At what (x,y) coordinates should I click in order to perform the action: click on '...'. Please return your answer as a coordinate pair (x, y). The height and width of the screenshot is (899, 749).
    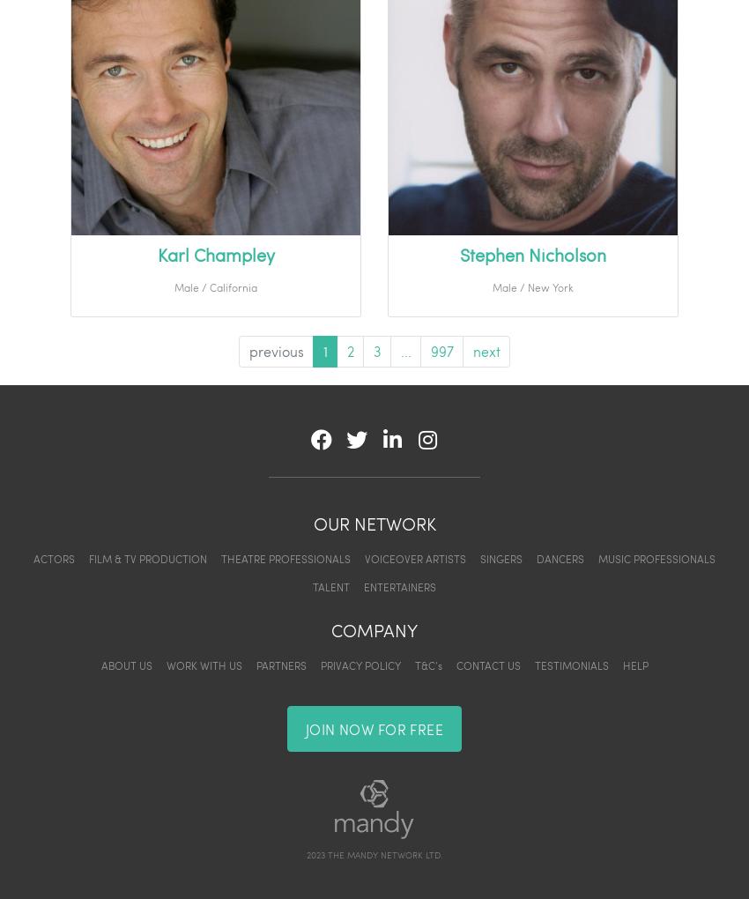
    Looking at the image, I should click on (404, 351).